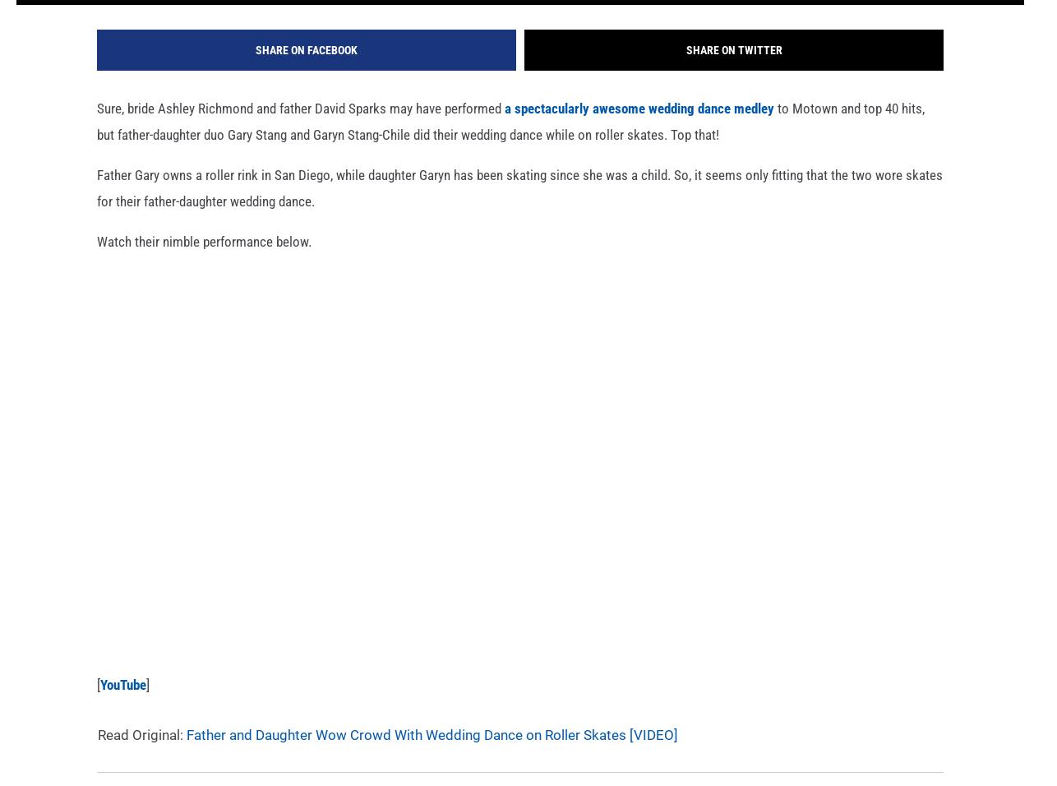  I want to click on 'Father Gary owns a roller rink in San Diego, while daughter Garyn has been skating since she was a child. So, it seems only fitting that the two wore skates for their father-daughter wedding dance.', so click(519, 210).